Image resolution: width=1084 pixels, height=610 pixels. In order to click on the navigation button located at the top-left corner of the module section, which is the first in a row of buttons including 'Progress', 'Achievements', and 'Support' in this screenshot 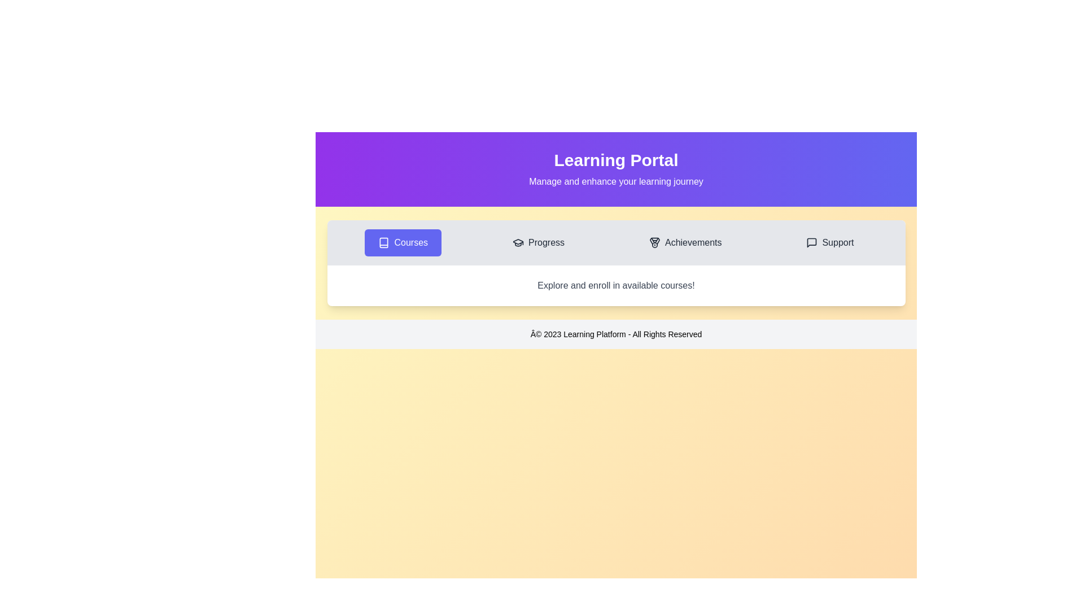, I will do `click(403, 242)`.